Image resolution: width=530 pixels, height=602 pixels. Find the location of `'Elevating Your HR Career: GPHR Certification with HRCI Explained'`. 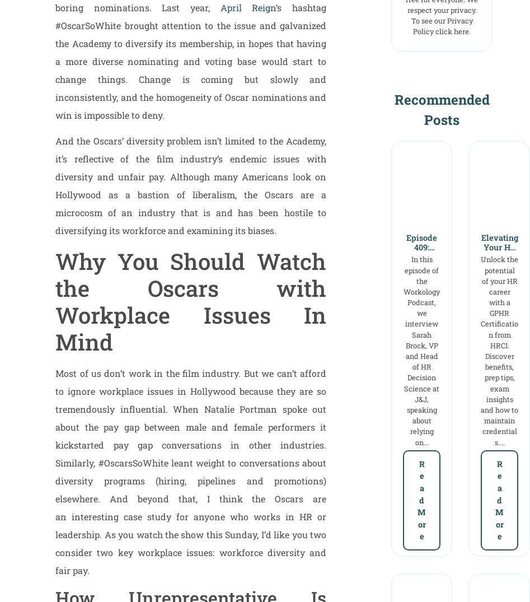

'Elevating Your HR Career: GPHR Certification with HRCI Explained' is located at coordinates (498, 275).